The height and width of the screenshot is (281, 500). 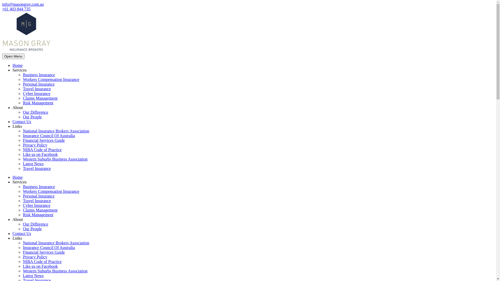 I want to click on 'Home', so click(x=17, y=177).